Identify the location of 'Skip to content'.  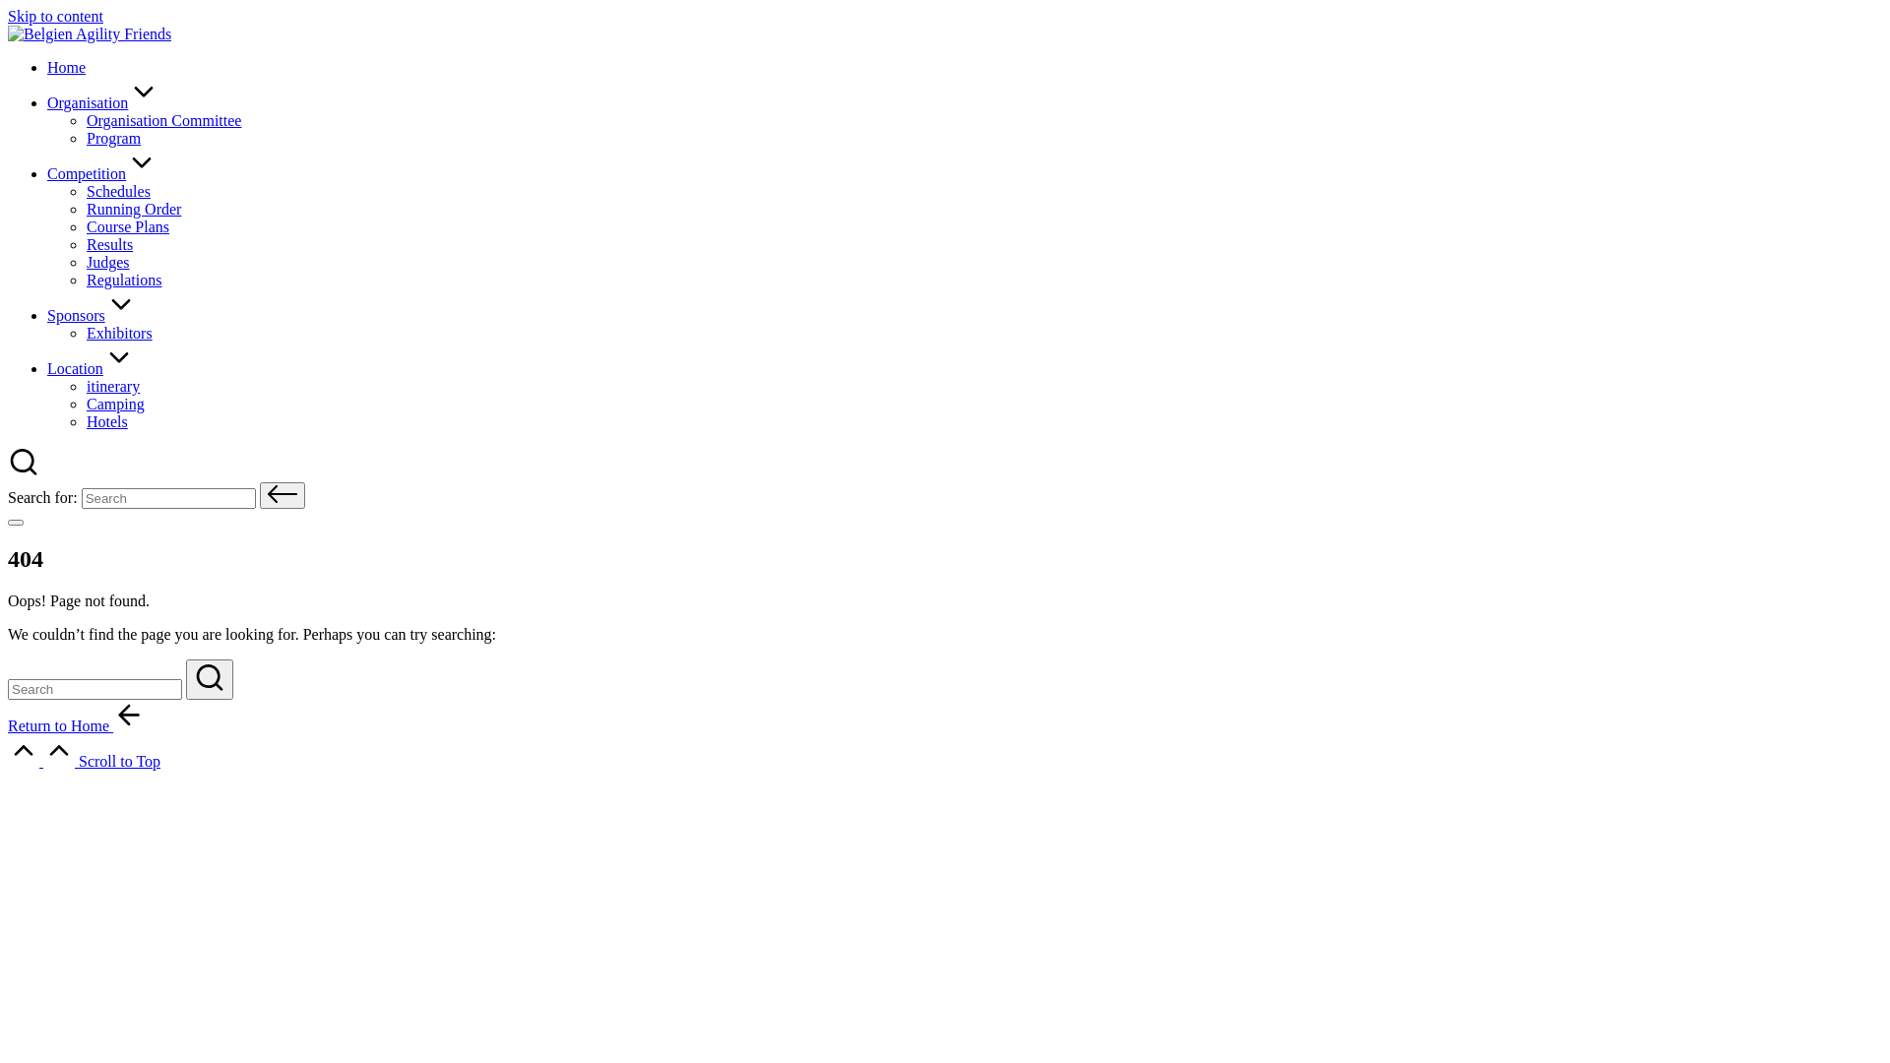
(55, 16).